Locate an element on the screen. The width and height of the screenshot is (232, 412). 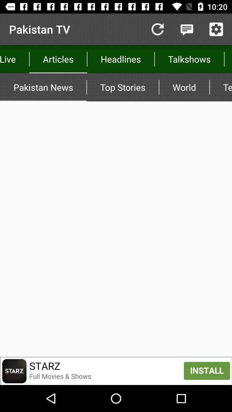
item next to live item is located at coordinates (58, 58).